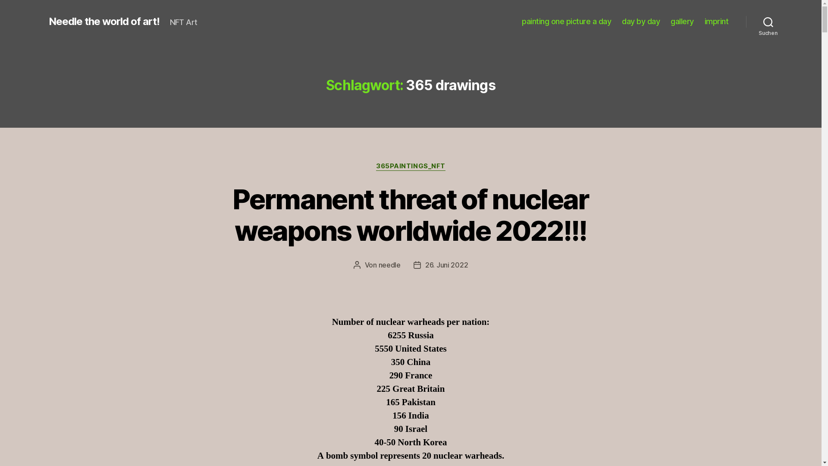 The image size is (828, 466). What do you see at coordinates (641, 21) in the screenshot?
I see `'day by day'` at bounding box center [641, 21].